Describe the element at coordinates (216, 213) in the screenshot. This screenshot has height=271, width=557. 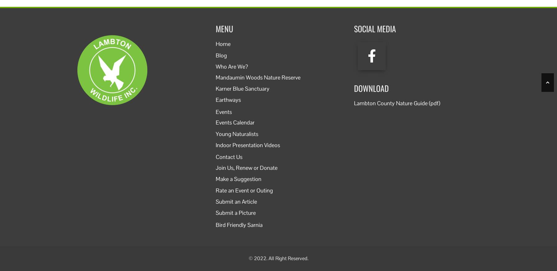
I see `'Submit a Picture'` at that location.